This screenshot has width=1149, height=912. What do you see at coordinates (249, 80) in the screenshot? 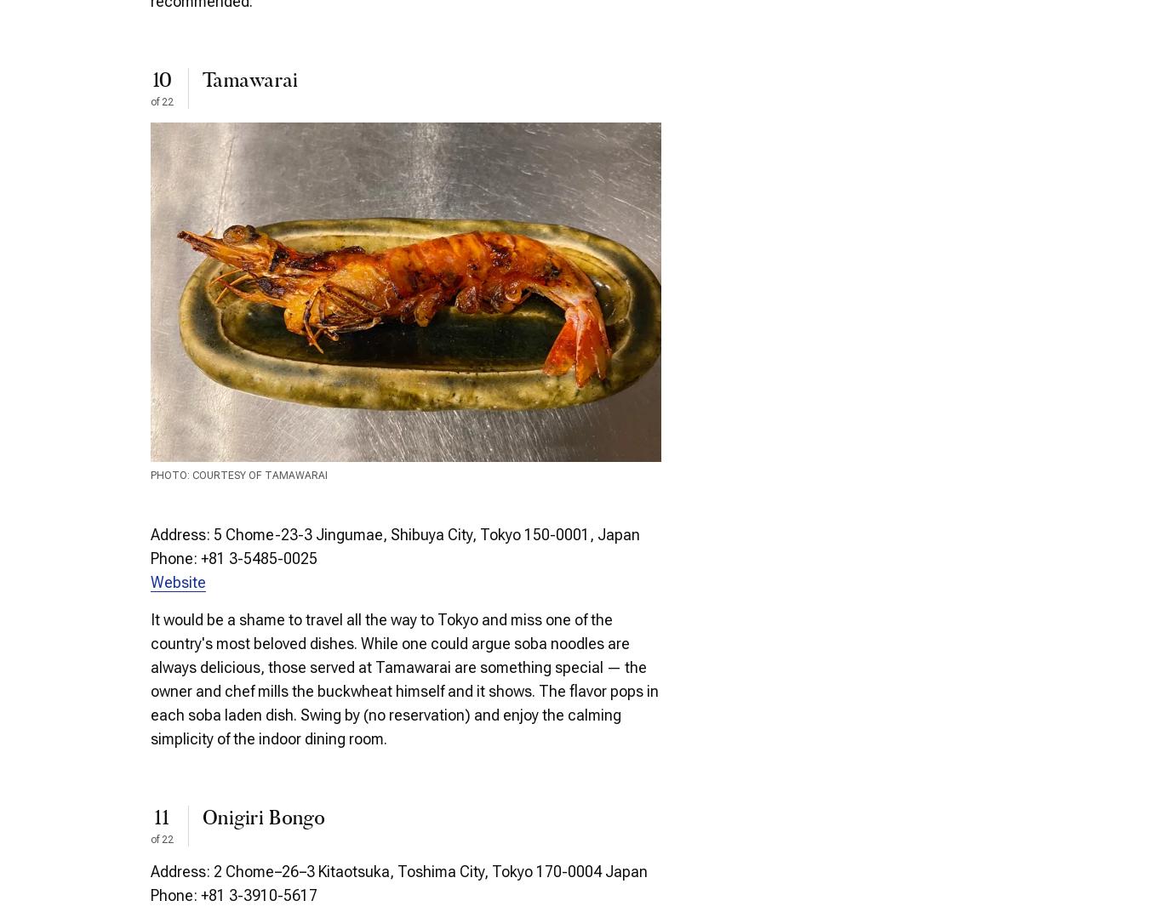
I see `'Tamawarai'` at bounding box center [249, 80].